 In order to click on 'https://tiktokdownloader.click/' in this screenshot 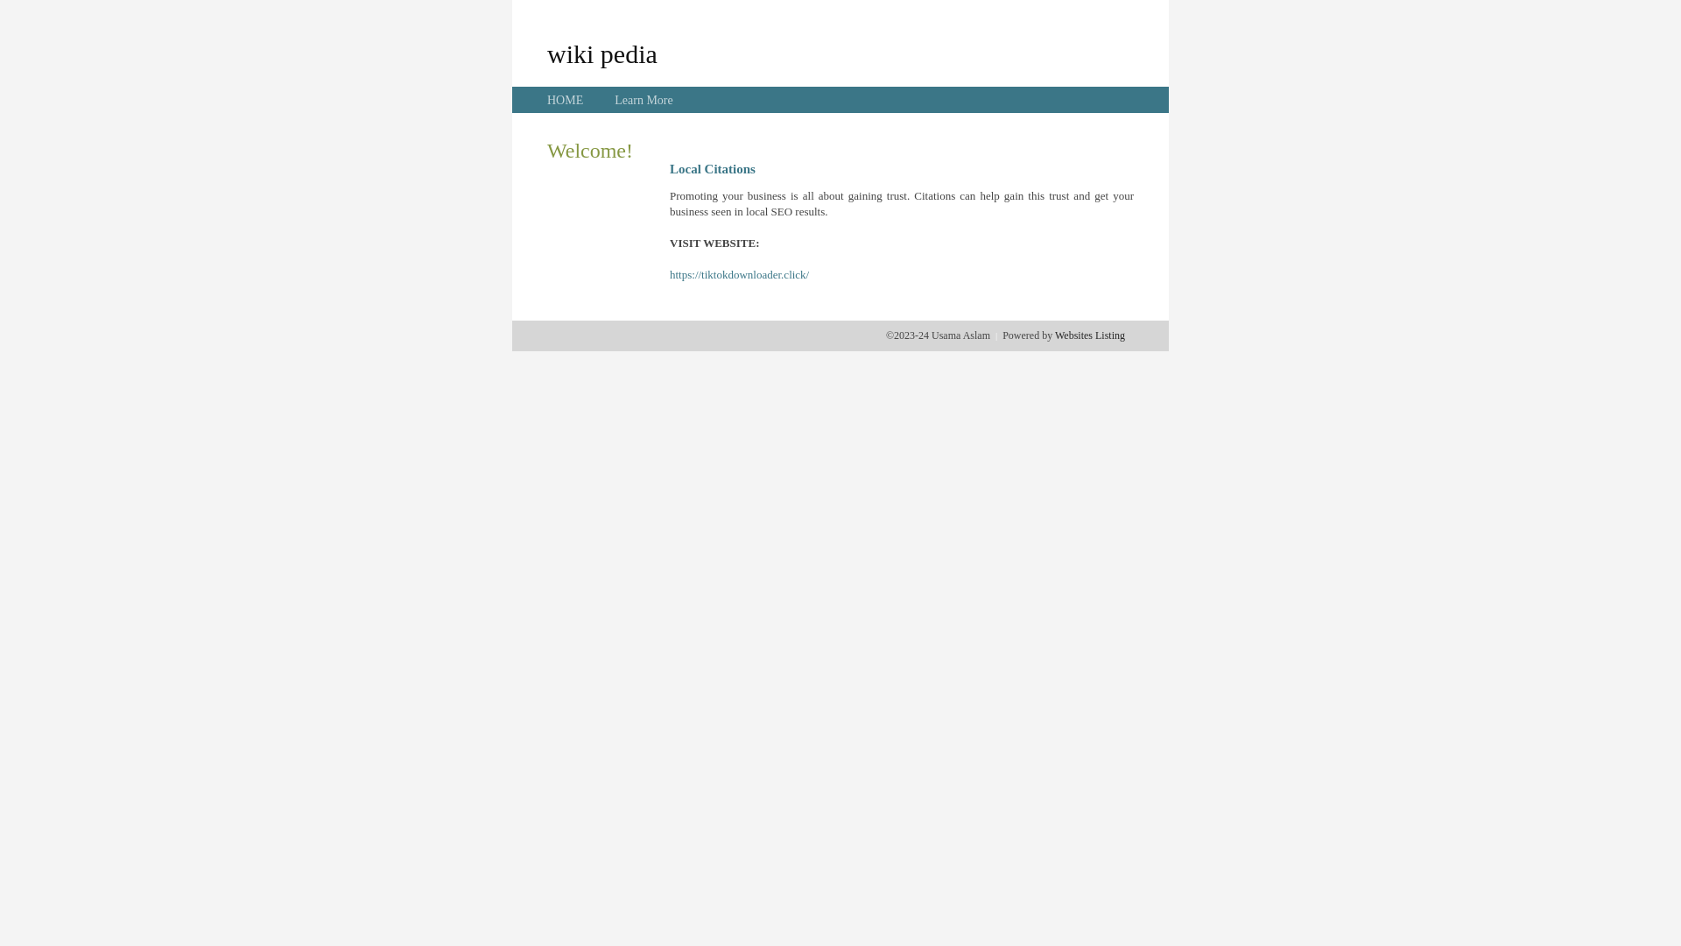, I will do `click(739, 274)`.